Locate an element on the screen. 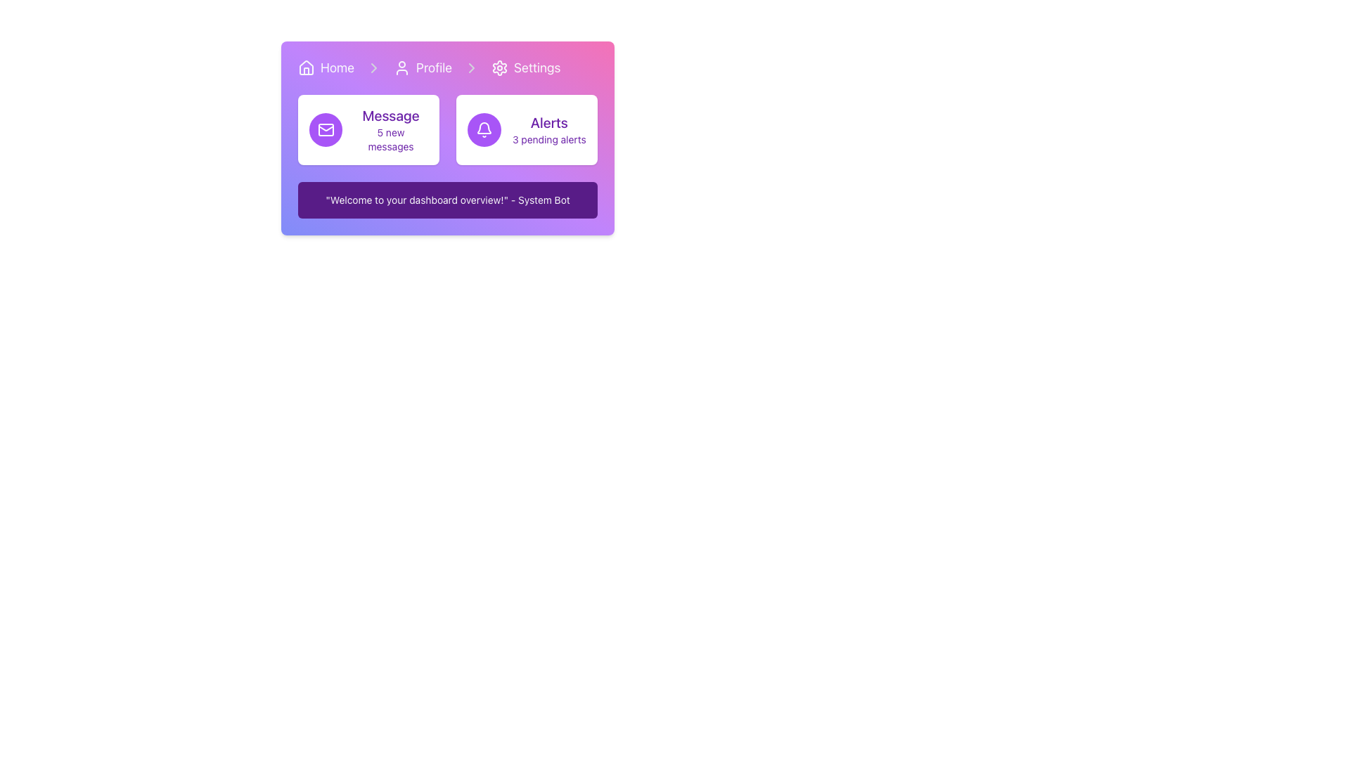 Image resolution: width=1350 pixels, height=759 pixels. the house-shaped icon button with a light purple background is located at coordinates (306, 67).